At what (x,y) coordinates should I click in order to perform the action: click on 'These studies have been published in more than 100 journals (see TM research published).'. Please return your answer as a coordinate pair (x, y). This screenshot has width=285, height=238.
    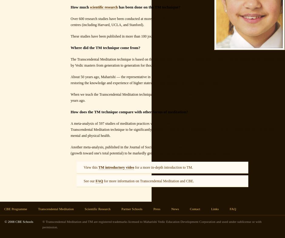
    Looking at the image, I should click on (136, 36).